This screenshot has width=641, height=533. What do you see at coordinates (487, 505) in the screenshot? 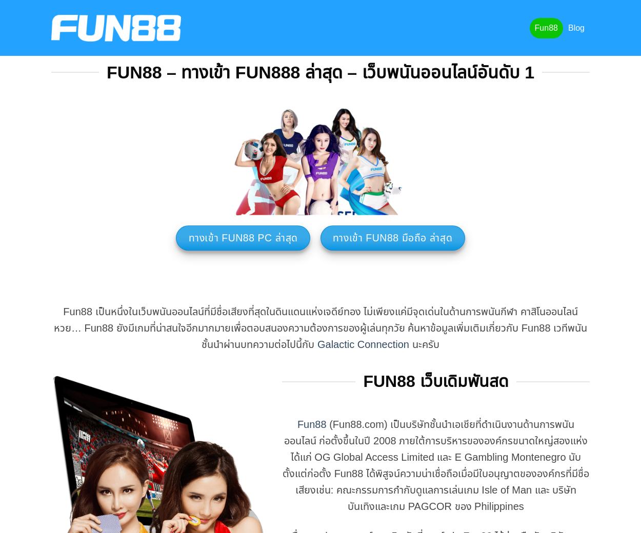
I see `'ของ Philippines'` at bounding box center [487, 505].